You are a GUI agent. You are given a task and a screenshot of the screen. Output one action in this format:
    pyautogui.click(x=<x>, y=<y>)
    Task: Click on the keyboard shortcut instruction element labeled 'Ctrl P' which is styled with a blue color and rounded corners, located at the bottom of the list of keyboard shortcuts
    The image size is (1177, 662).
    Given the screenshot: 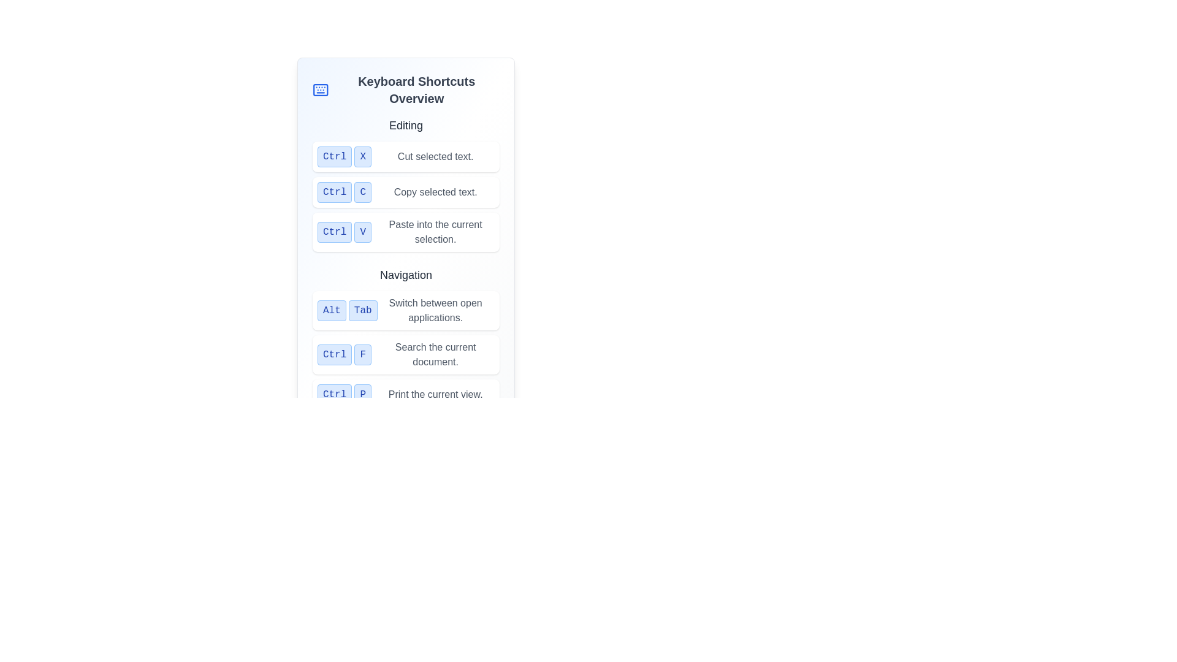 What is the action you would take?
    pyautogui.click(x=406, y=395)
    